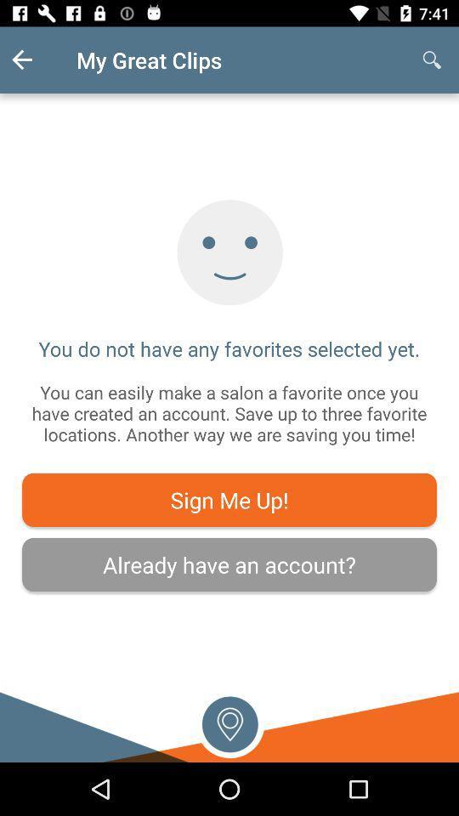 Image resolution: width=459 pixels, height=816 pixels. What do you see at coordinates (229, 500) in the screenshot?
I see `the item below you can easily item` at bounding box center [229, 500].